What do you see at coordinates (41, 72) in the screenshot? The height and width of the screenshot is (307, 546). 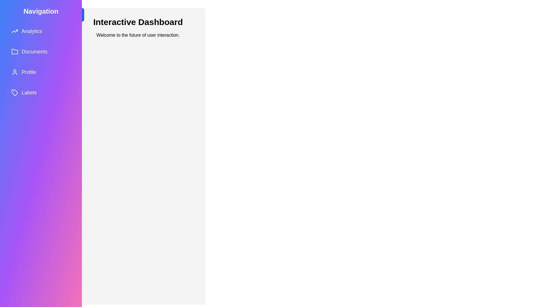 I see `the navigation item Profile in the drawer` at bounding box center [41, 72].